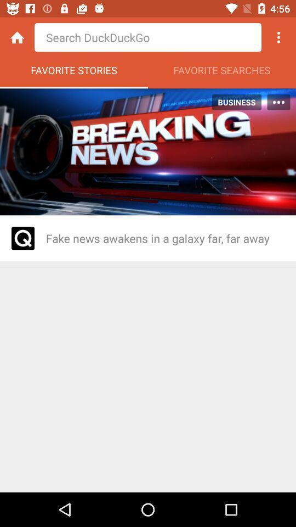 Image resolution: width=296 pixels, height=527 pixels. What do you see at coordinates (74, 72) in the screenshot?
I see `the icon next to the favorite searches icon` at bounding box center [74, 72].